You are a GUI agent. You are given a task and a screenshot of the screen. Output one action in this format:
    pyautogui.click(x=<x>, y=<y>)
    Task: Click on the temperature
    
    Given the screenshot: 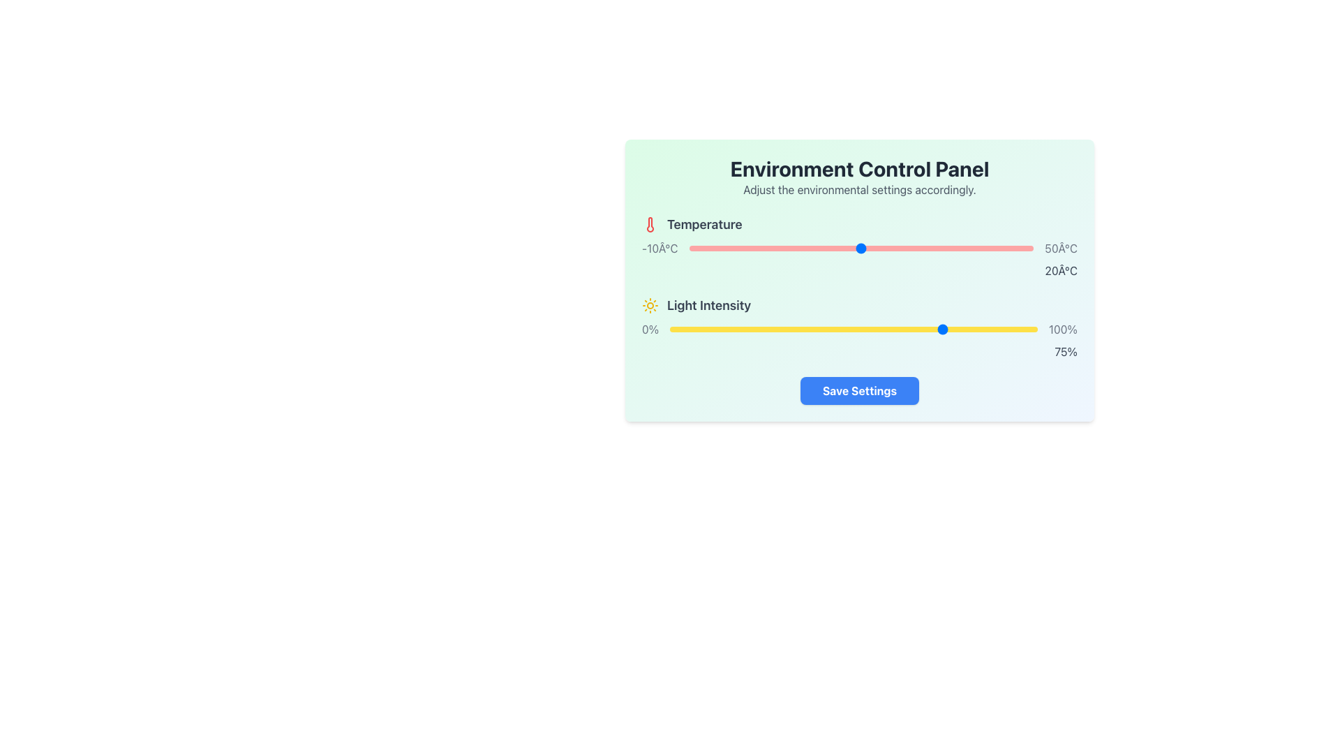 What is the action you would take?
    pyautogui.click(x=815, y=247)
    